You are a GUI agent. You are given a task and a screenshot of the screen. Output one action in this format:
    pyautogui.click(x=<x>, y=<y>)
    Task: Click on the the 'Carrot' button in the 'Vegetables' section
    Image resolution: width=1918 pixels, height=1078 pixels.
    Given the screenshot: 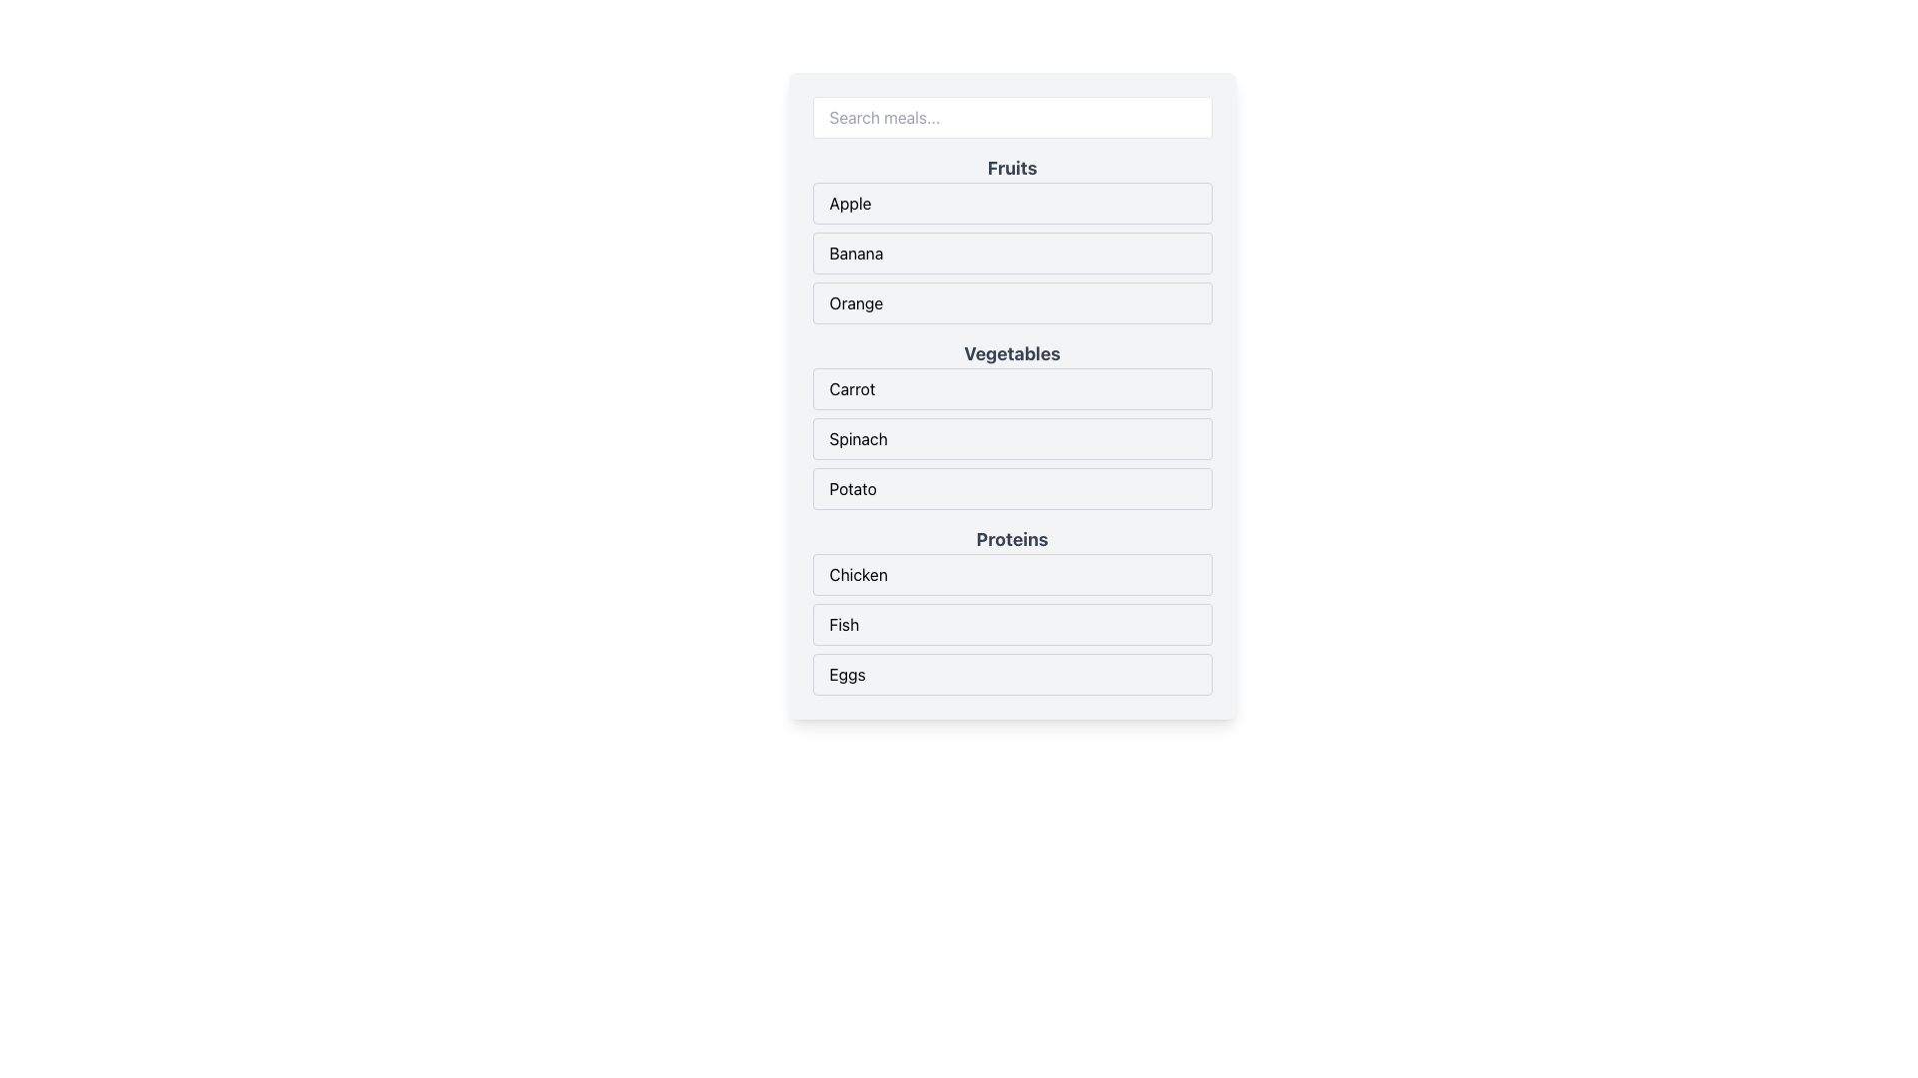 What is the action you would take?
    pyautogui.click(x=1012, y=388)
    